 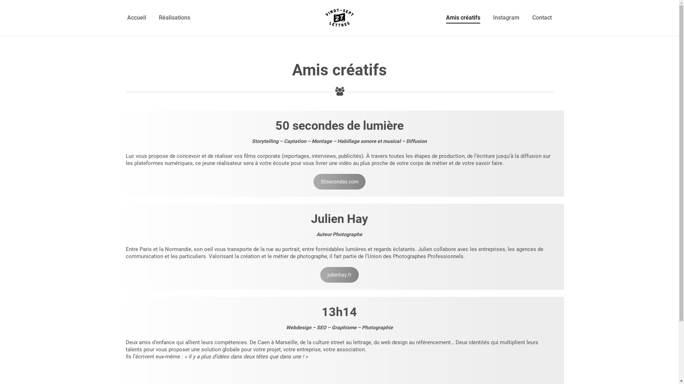 What do you see at coordinates (313, 181) in the screenshot?
I see `'50secondes.com'` at bounding box center [313, 181].